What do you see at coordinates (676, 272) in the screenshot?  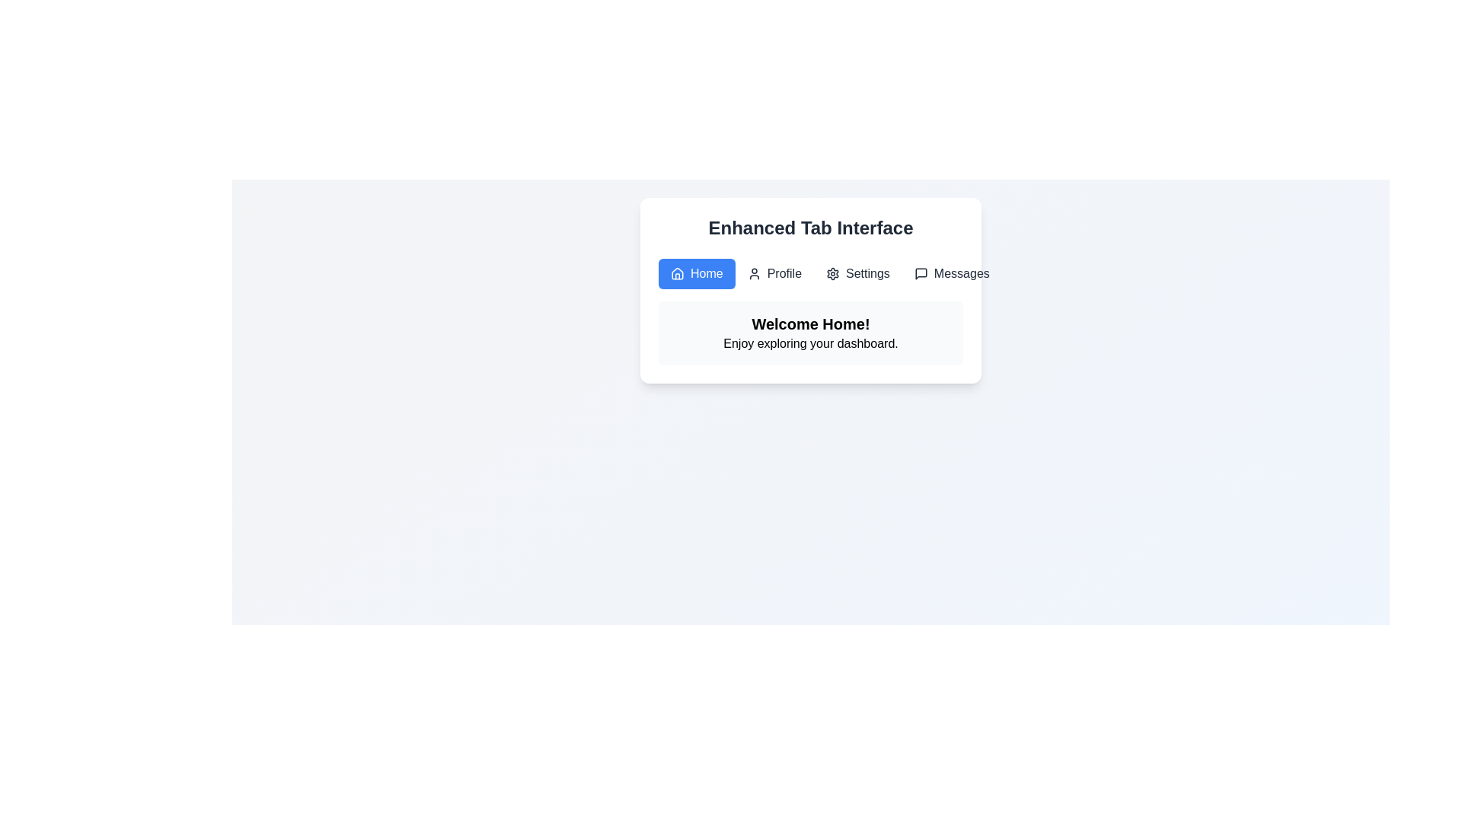 I see `the 'Home' icon component, which visually represents the concept of a home or homepage, located in the top left of the main interface area` at bounding box center [676, 272].